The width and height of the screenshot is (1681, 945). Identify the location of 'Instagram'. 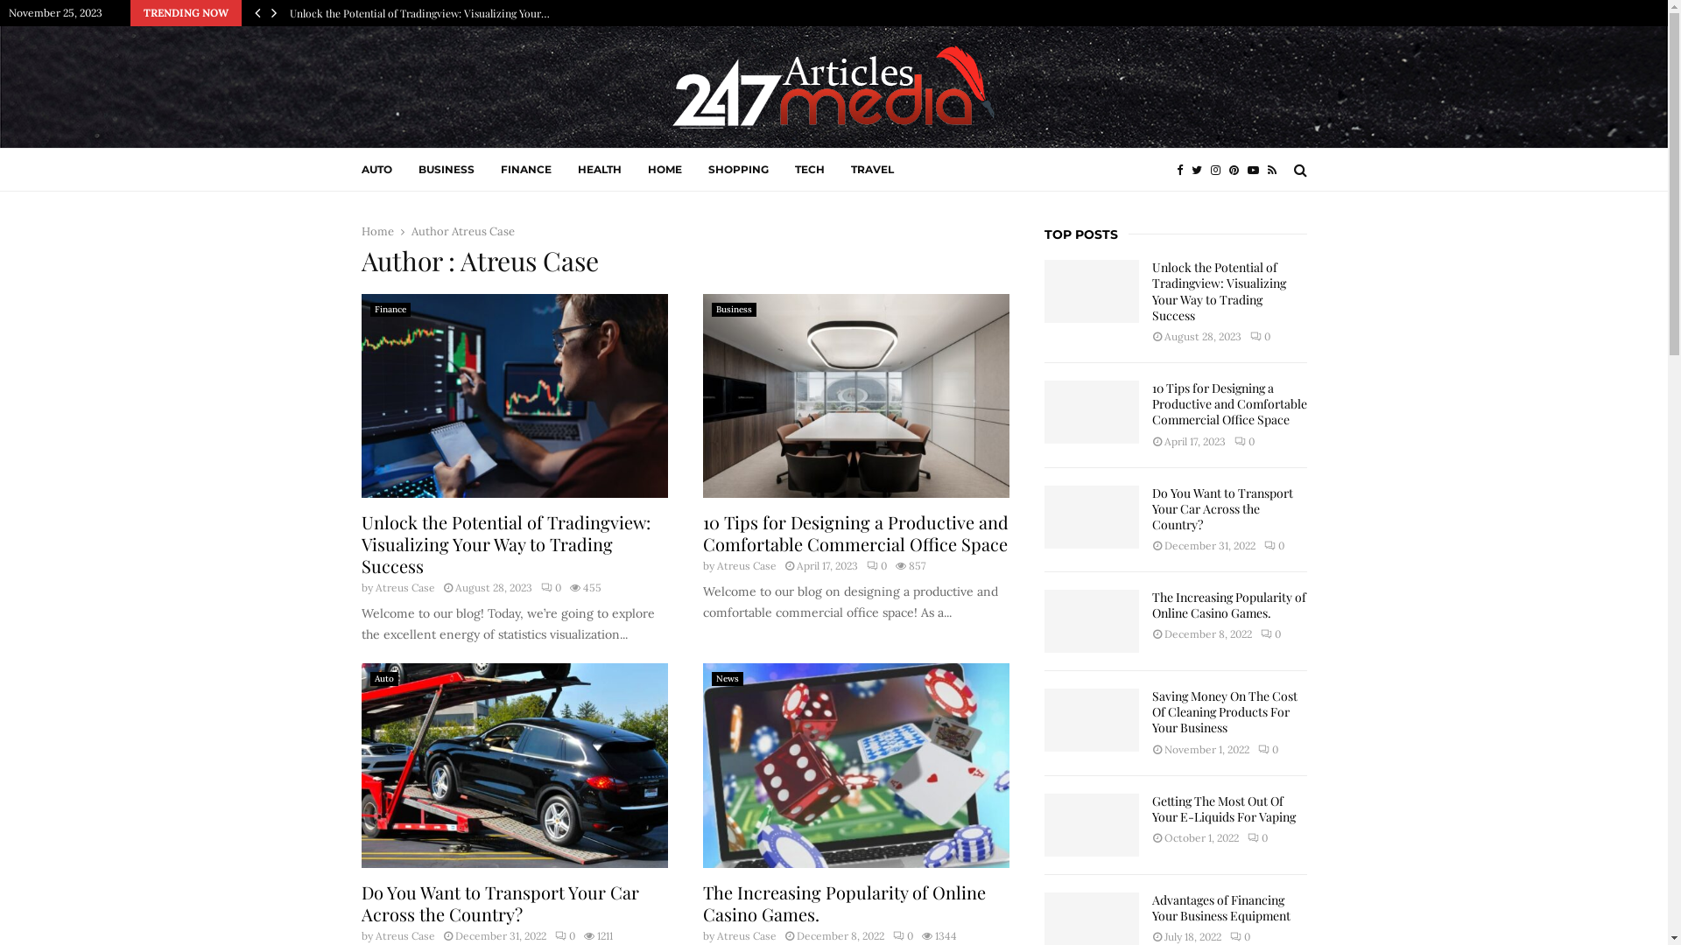
(1218, 170).